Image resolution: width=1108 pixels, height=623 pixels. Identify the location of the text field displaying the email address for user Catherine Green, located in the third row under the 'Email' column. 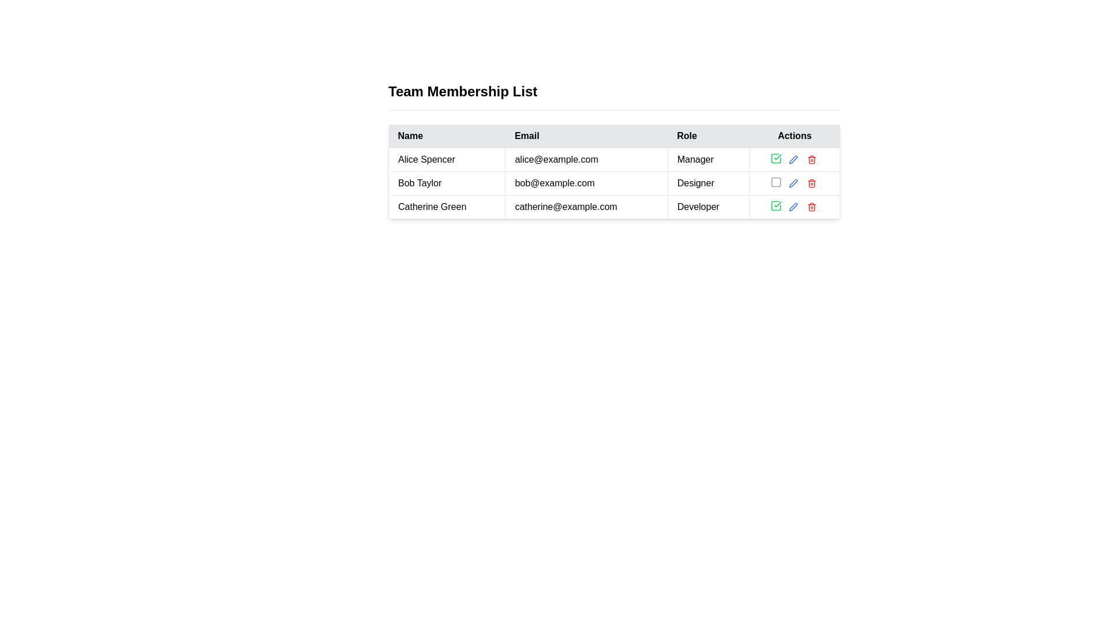
(586, 206).